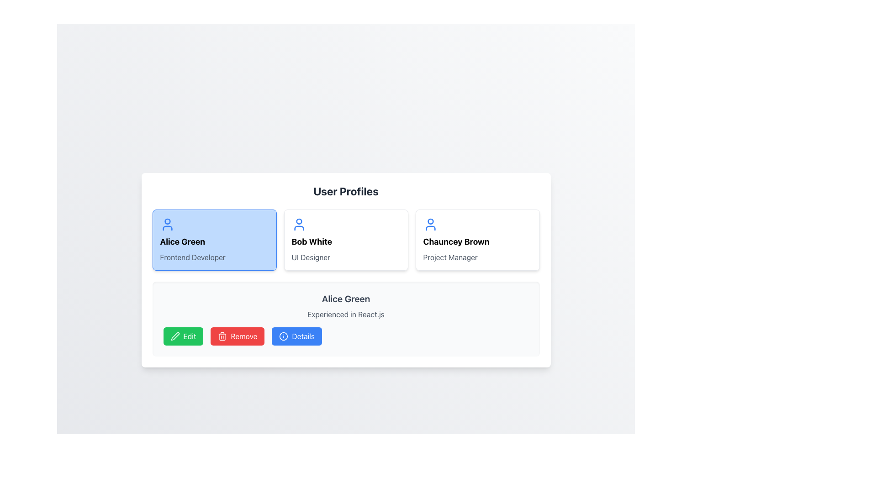 The width and height of the screenshot is (877, 493). Describe the element at coordinates (175, 336) in the screenshot. I see `the editing icon within the green 'Edit' button located in the lower-left corner of the button row below the 'Alice Green' profile details to focus it` at that location.